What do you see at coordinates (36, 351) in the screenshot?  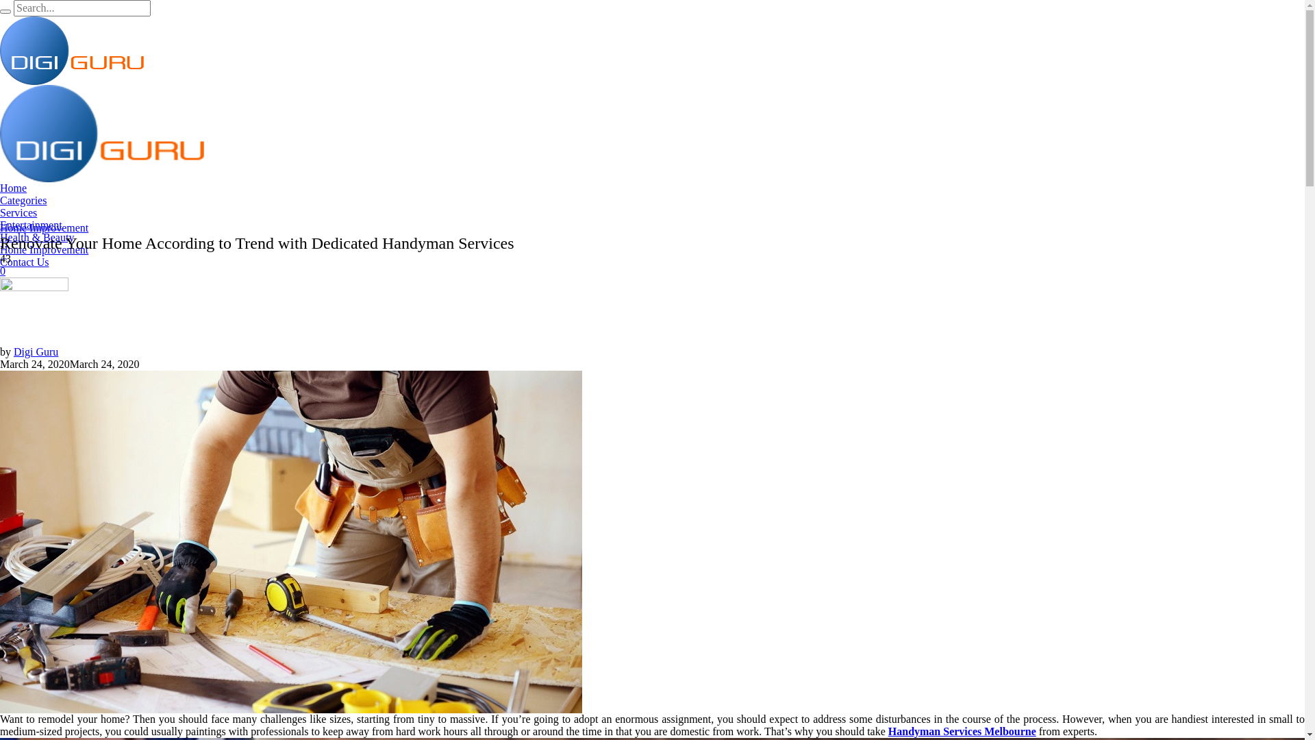 I see `'Digi Guru'` at bounding box center [36, 351].